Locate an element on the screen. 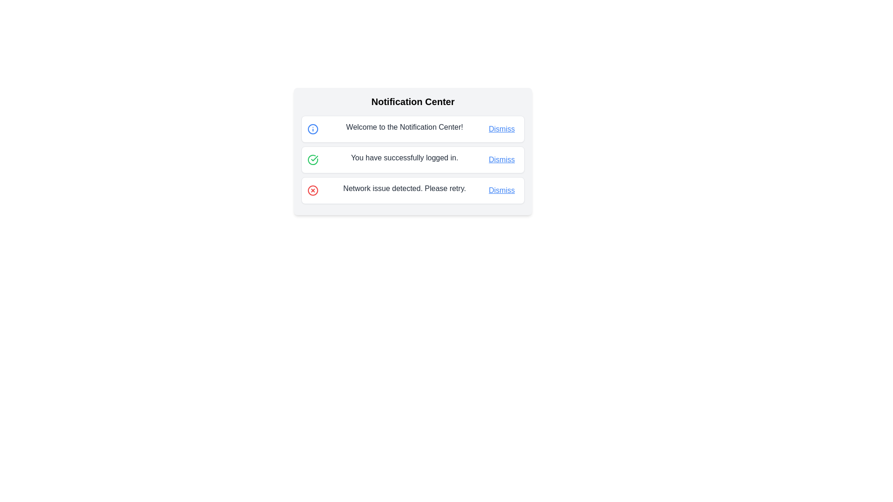 Image resolution: width=893 pixels, height=502 pixels. the green checkmark icon that indicates successful login in the notification center, which is the second item in a vertical list of notifications is located at coordinates (313, 159).